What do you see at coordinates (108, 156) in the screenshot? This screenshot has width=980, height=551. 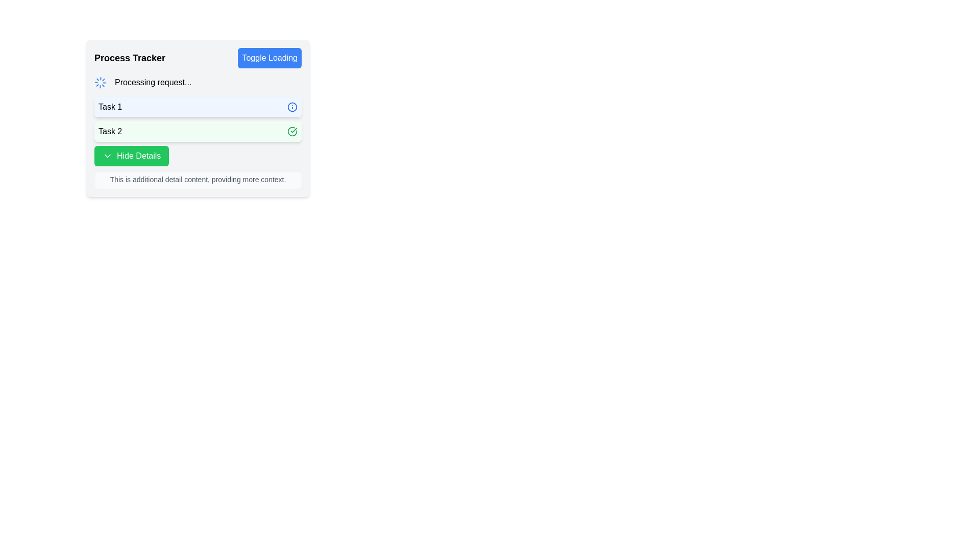 I see `the icon indicating the expandable or collapsible state of the 'Hide Details' feature` at bounding box center [108, 156].